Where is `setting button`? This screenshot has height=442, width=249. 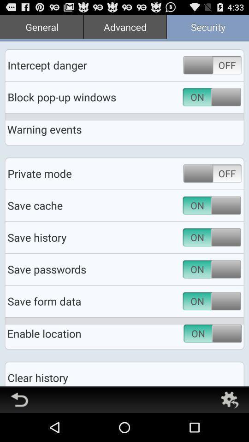 setting button is located at coordinates (229, 399).